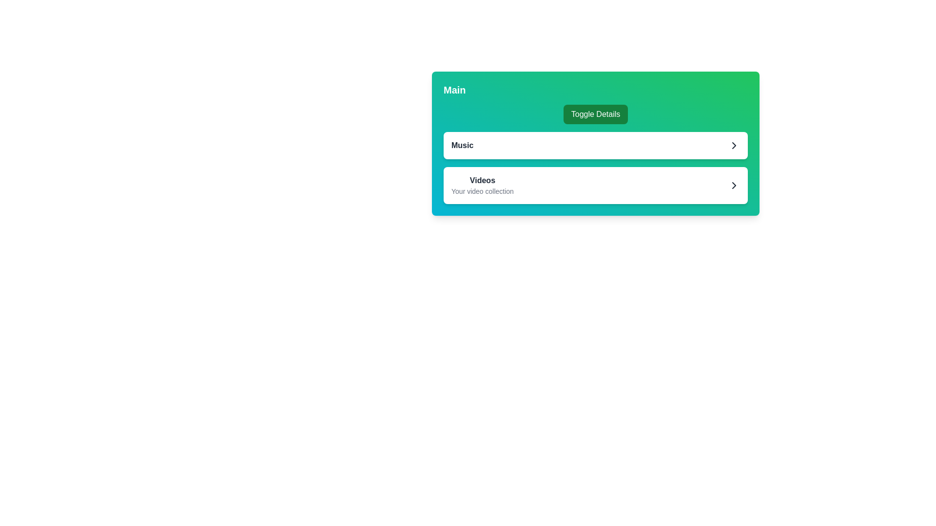 Image resolution: width=936 pixels, height=526 pixels. Describe the element at coordinates (482, 191) in the screenshot. I see `static text element that displays 'Your video collection', located beneath the bold title 'Videos' in the Videos section` at that location.